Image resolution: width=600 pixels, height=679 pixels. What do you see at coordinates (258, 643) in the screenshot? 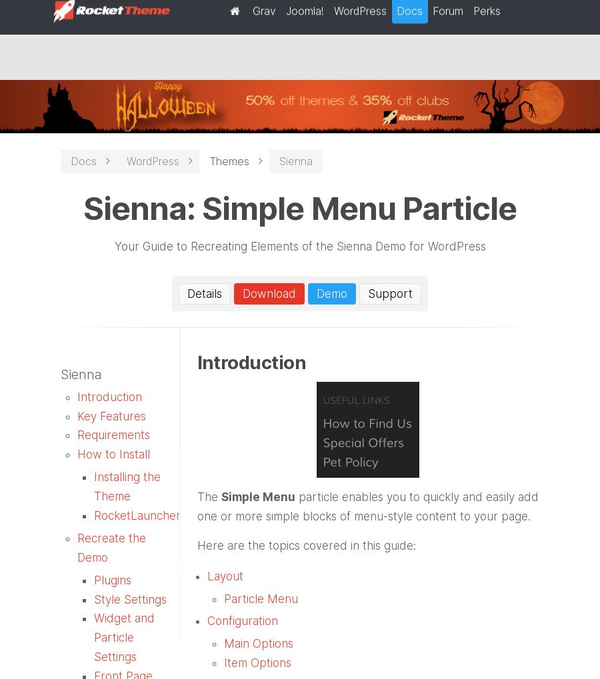
I see `'Main Options'` at bounding box center [258, 643].